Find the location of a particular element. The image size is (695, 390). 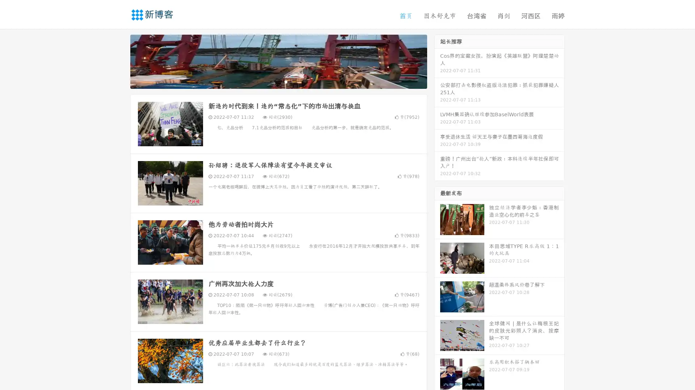

Next slide is located at coordinates (437, 61).